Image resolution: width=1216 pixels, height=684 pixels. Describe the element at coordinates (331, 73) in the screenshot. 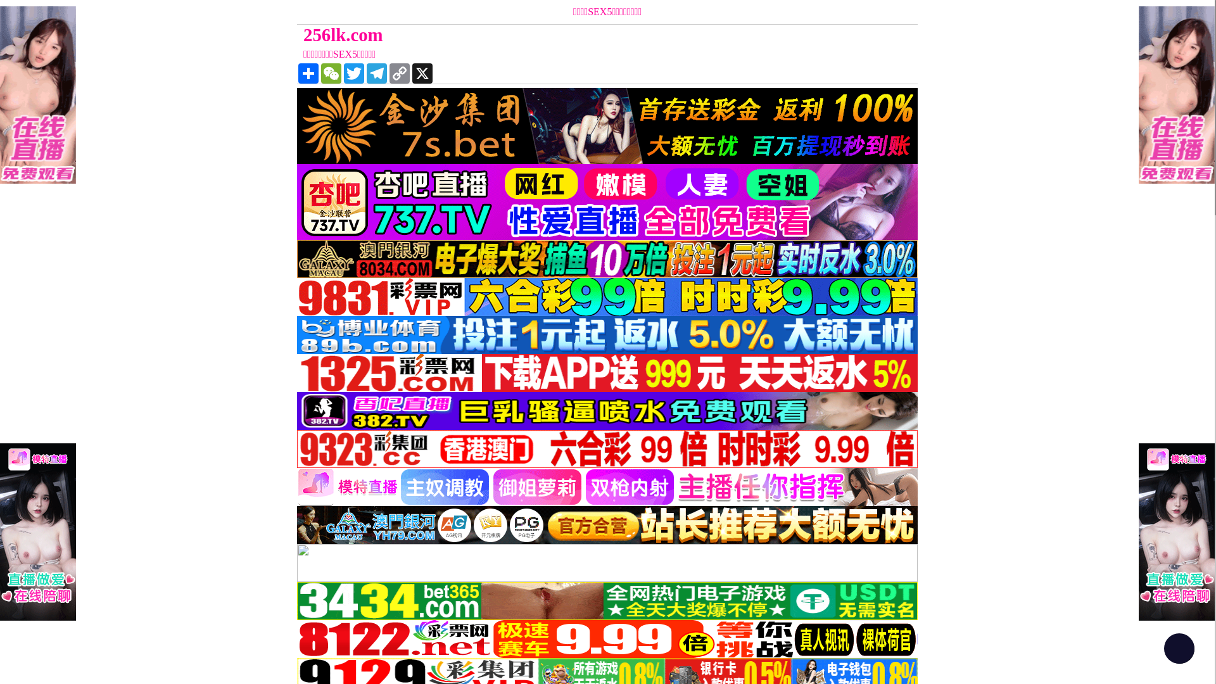

I see `'WeChat'` at that location.